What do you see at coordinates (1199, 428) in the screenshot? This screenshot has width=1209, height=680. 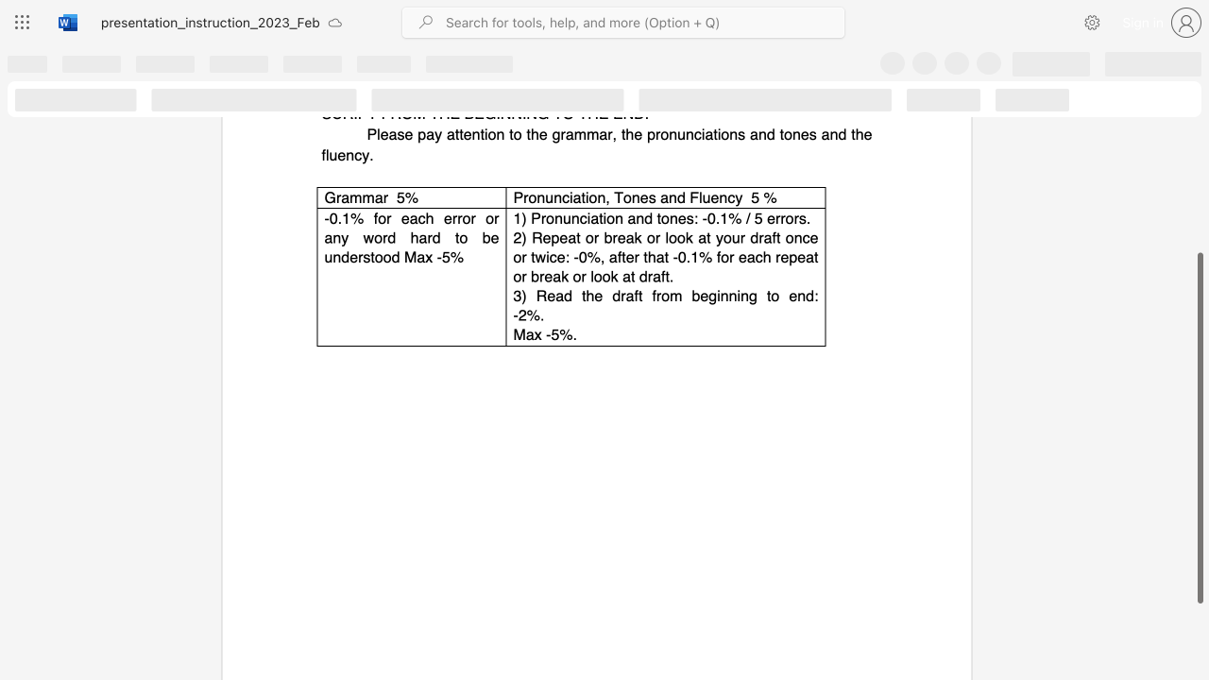 I see `the scrollbar and move down 110 pixels` at bounding box center [1199, 428].